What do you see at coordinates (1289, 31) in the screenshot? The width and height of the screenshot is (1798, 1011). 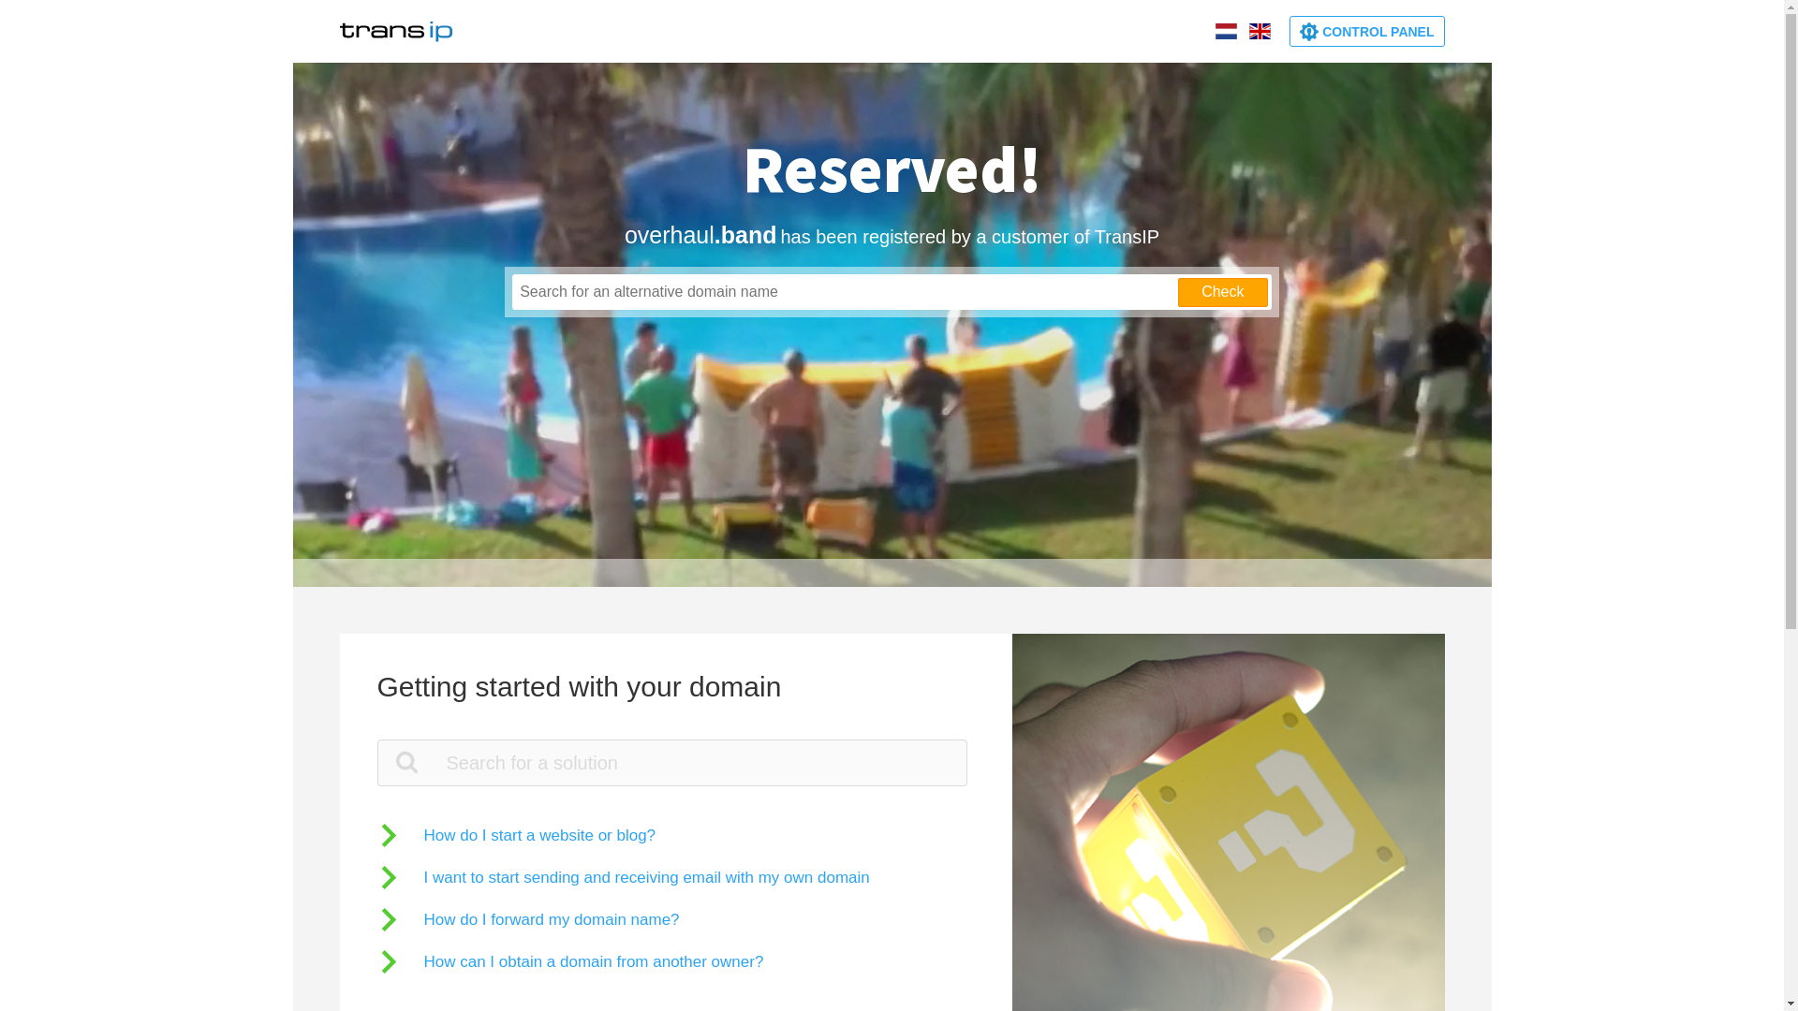 I see `'CONTROL PANEL'` at bounding box center [1289, 31].